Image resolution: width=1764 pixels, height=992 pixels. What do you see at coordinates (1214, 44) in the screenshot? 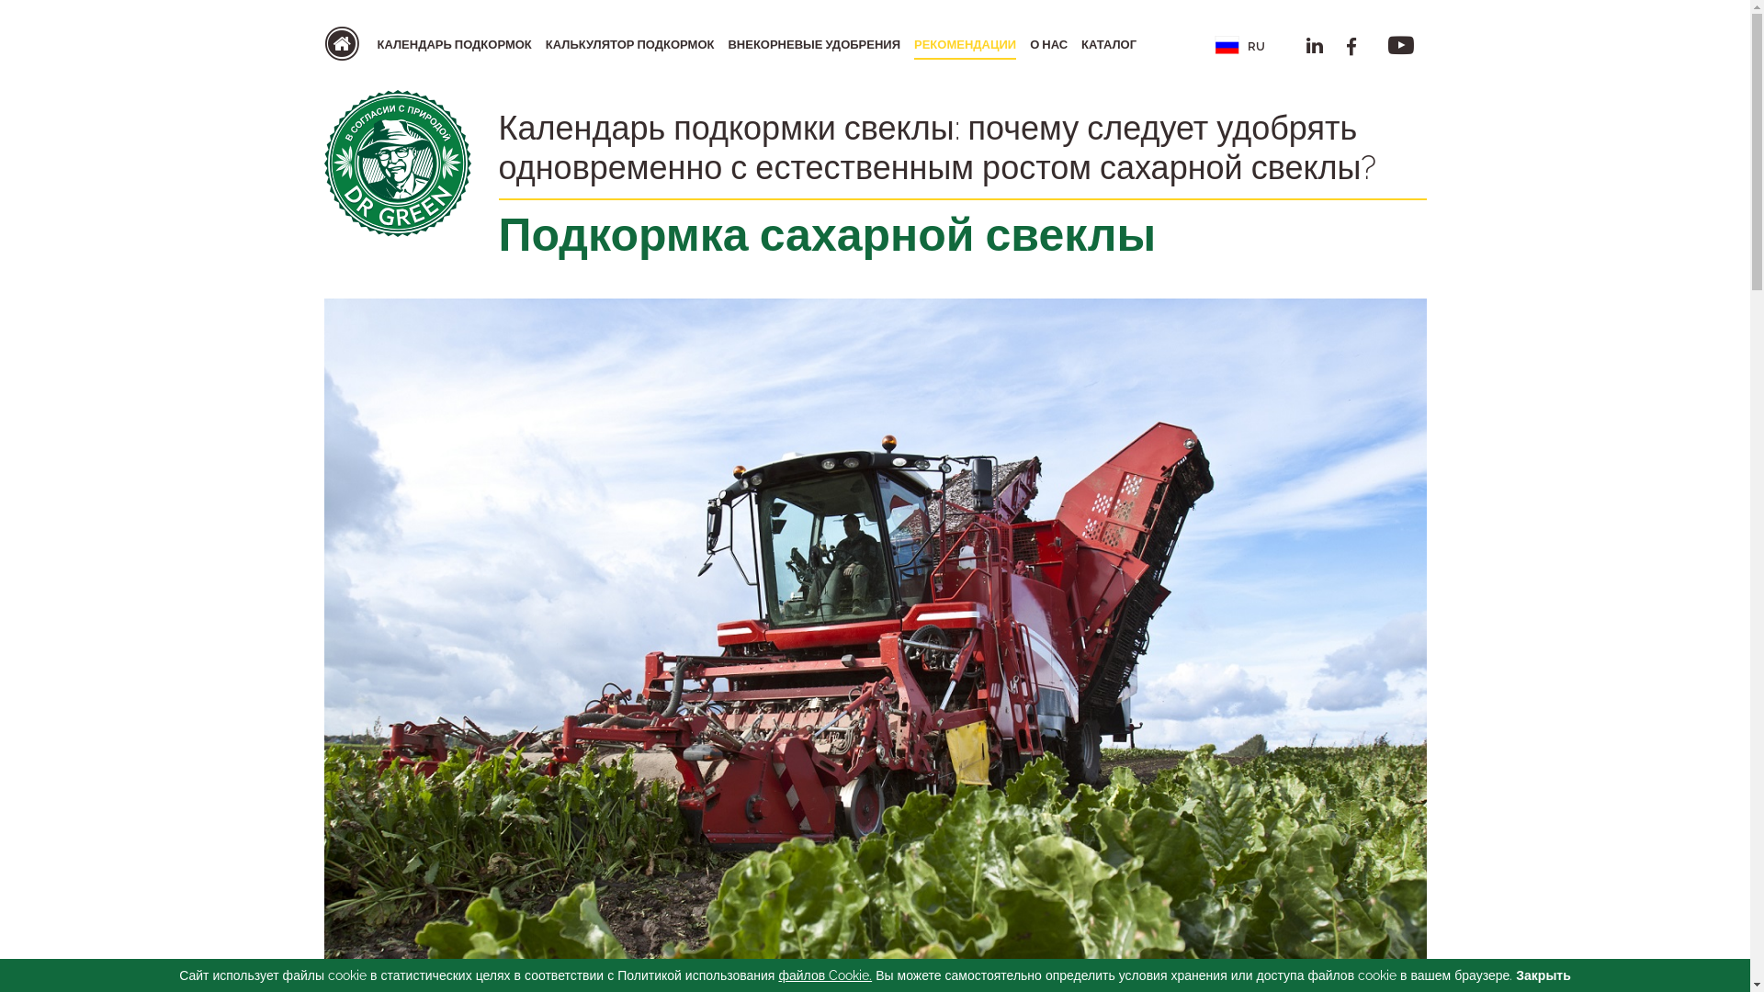
I see `'RU'` at bounding box center [1214, 44].